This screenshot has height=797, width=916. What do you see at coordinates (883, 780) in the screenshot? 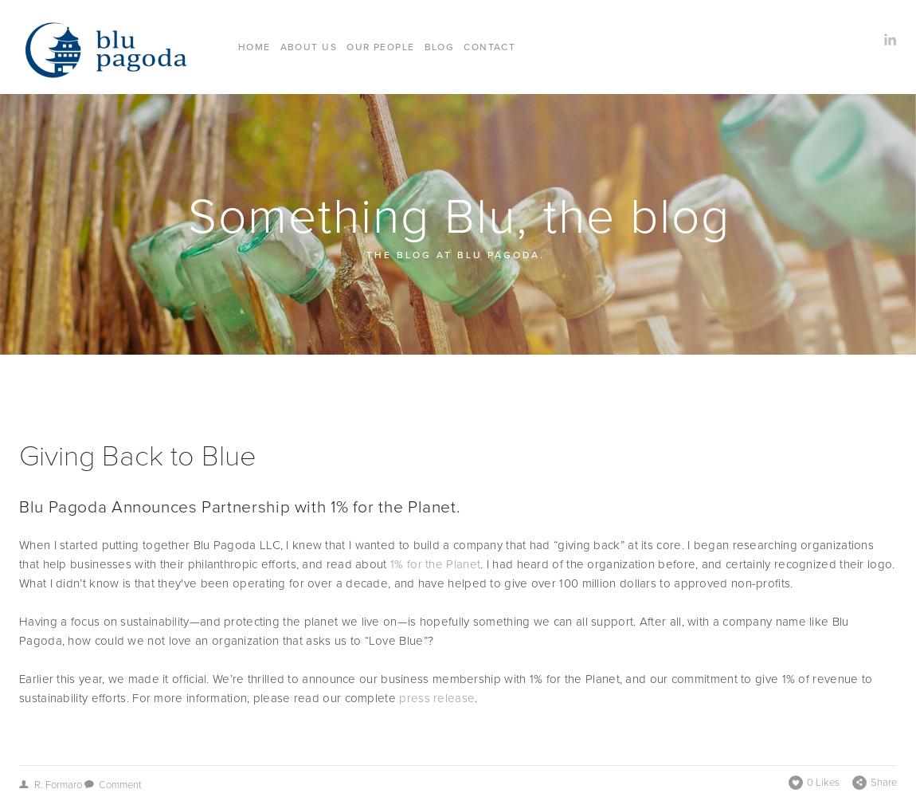
I see `'Share'` at bounding box center [883, 780].